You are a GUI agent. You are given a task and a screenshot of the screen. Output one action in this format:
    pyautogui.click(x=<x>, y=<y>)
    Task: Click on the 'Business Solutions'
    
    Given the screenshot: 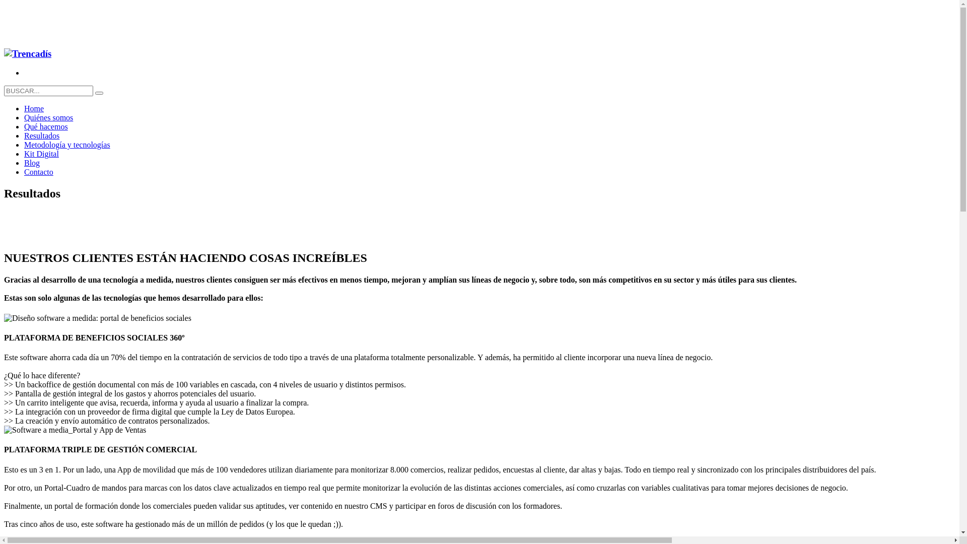 What is the action you would take?
    pyautogui.click(x=27, y=54)
    